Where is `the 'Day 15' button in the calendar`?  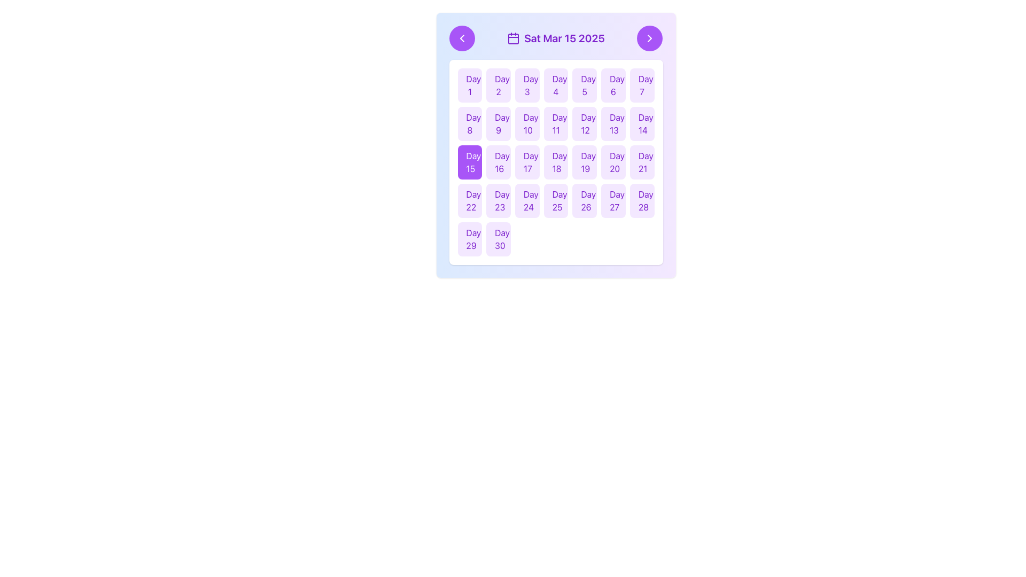 the 'Day 15' button in the calendar is located at coordinates (470, 162).